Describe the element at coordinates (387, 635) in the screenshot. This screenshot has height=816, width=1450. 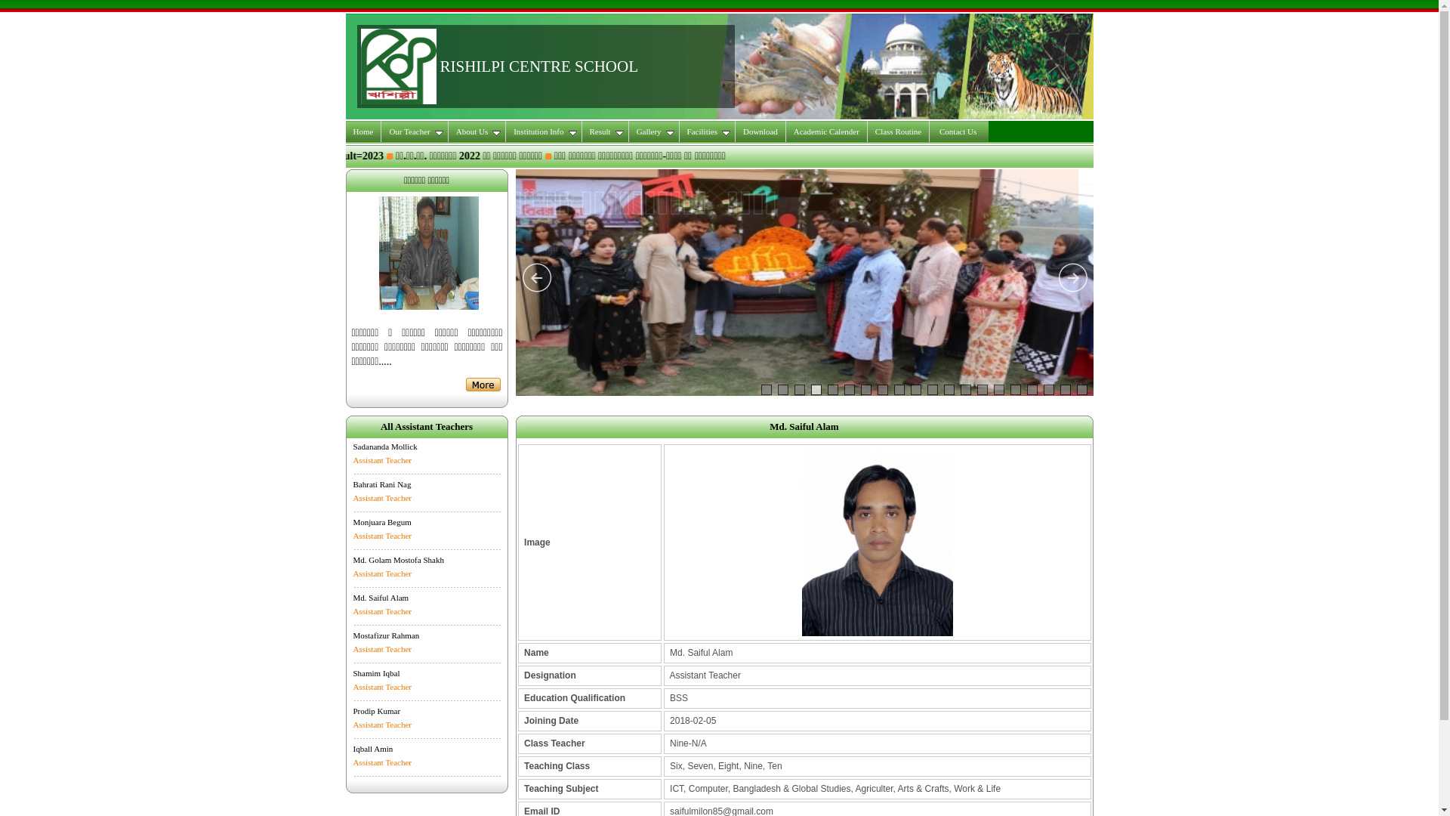
I see `'Mostafizur Rahman'` at that location.